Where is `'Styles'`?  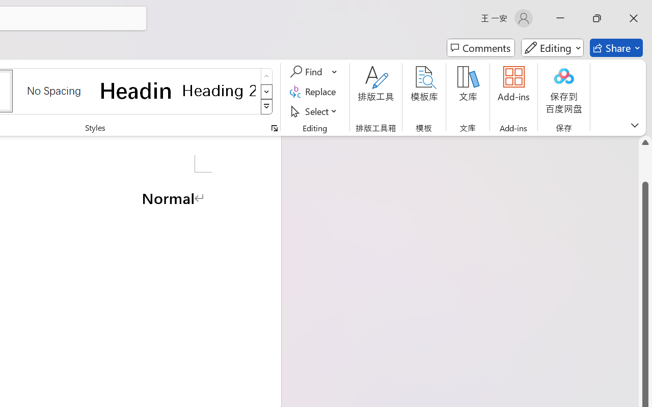 'Styles' is located at coordinates (266, 107).